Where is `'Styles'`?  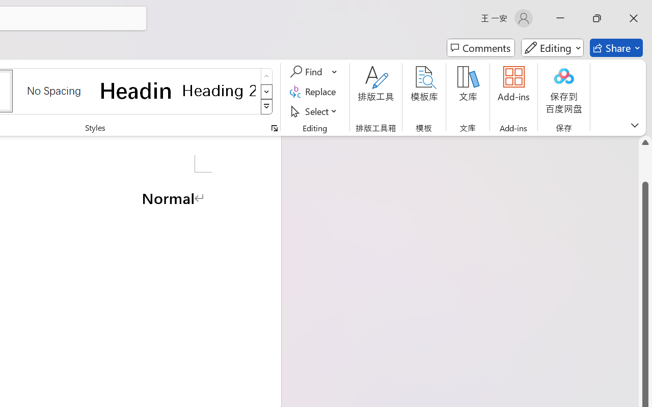 'Styles' is located at coordinates (266, 107).